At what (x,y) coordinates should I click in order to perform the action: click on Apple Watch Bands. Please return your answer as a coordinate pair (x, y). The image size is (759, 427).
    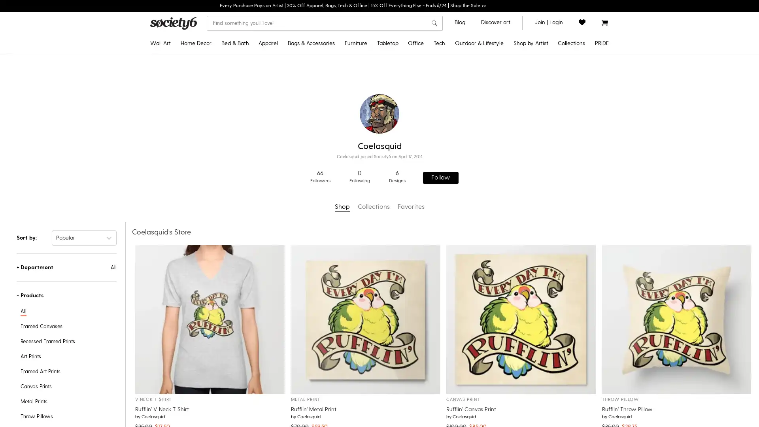
    Looking at the image, I should click on (467, 152).